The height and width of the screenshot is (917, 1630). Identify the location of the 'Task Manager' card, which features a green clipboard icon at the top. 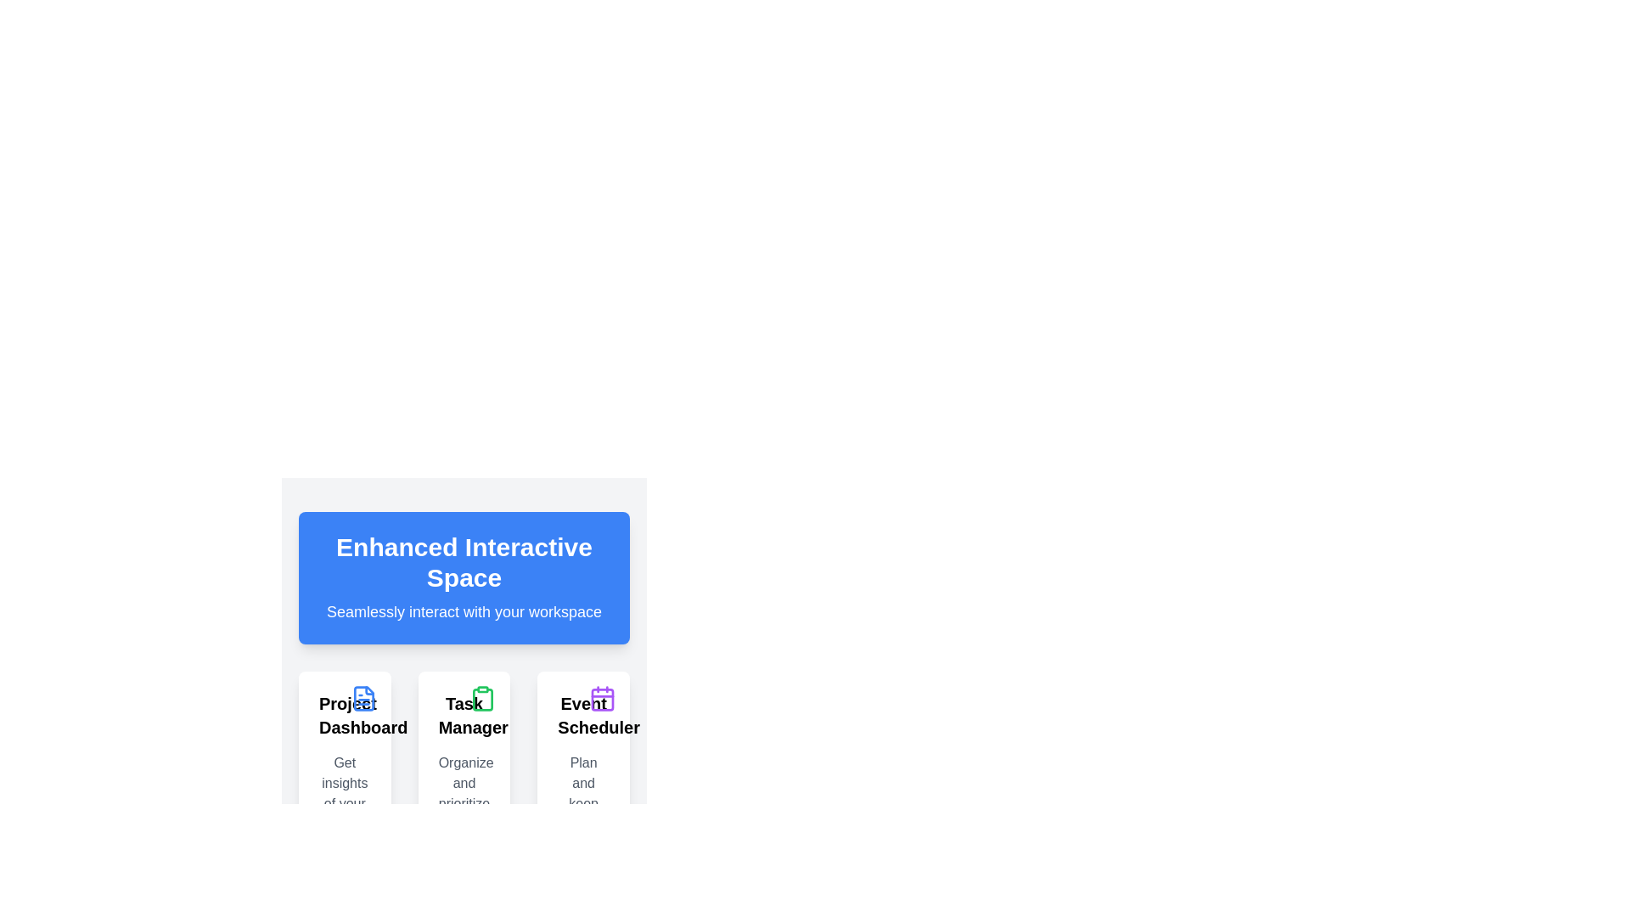
(464, 793).